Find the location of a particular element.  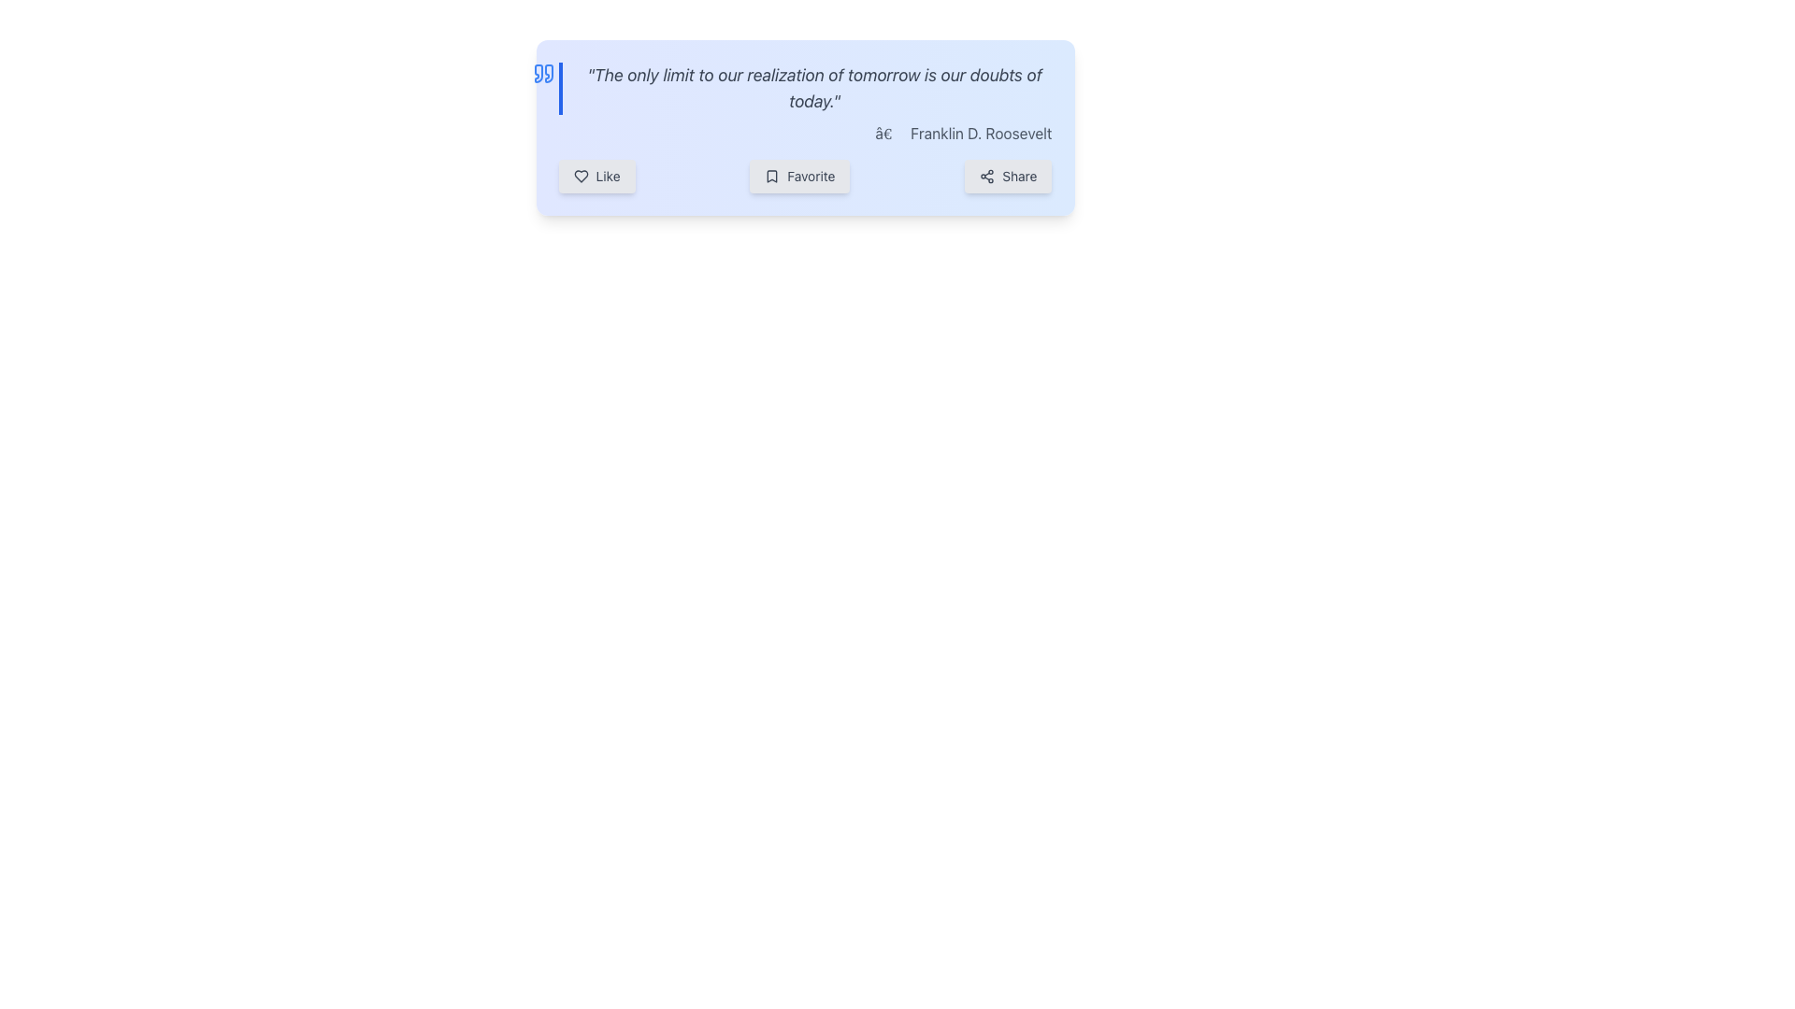

the first button in the horizontal group of three buttons at the bottom left of the quote card to activate hover effects is located at coordinates (596, 177).